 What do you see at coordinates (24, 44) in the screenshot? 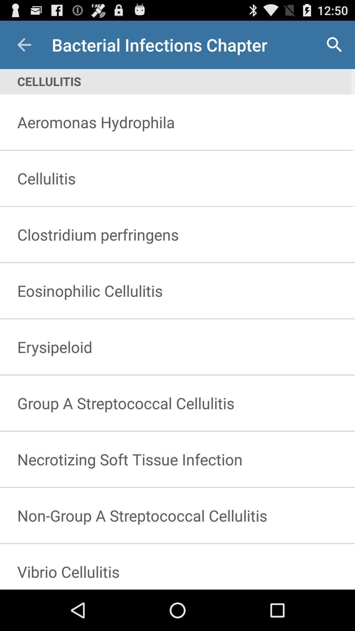
I see `the app next to the bacterial infections chapter app` at bounding box center [24, 44].